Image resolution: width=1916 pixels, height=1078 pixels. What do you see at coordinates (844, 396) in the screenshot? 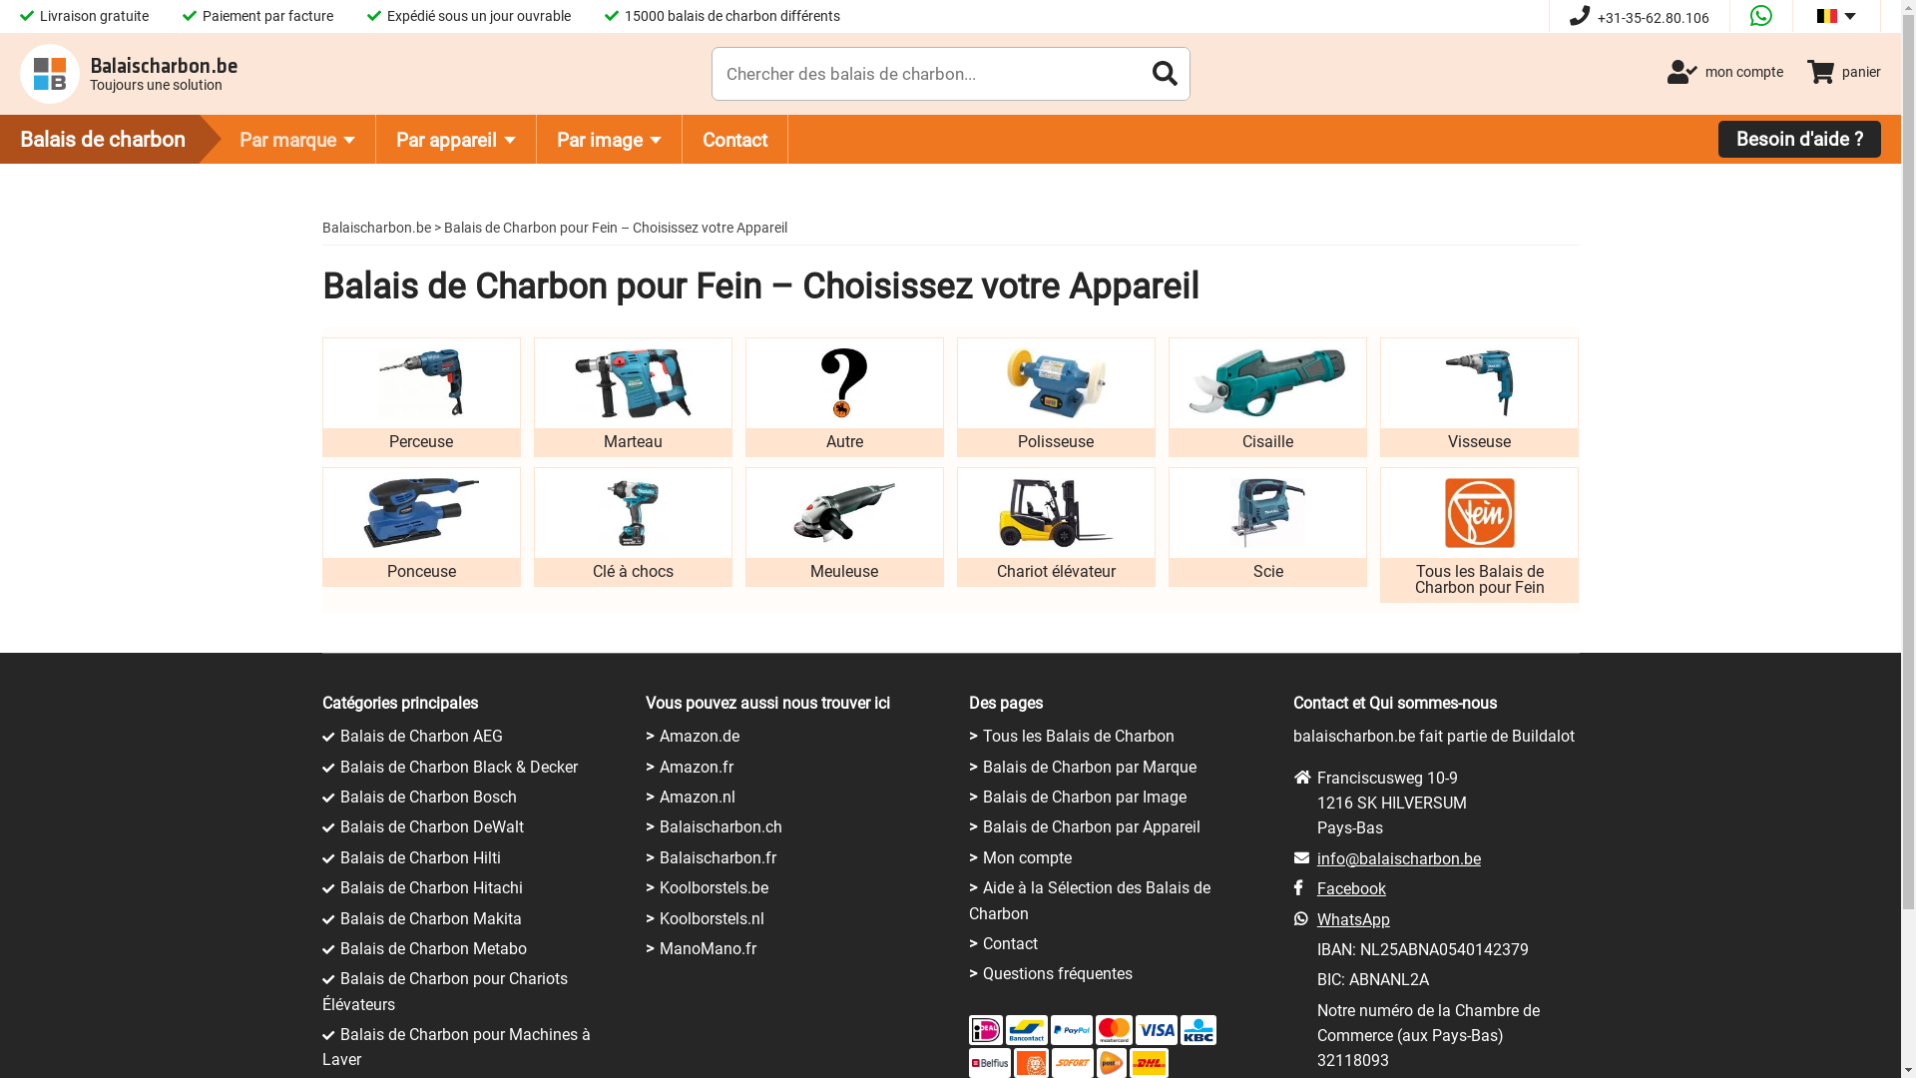
I see `'Autre'` at bounding box center [844, 396].